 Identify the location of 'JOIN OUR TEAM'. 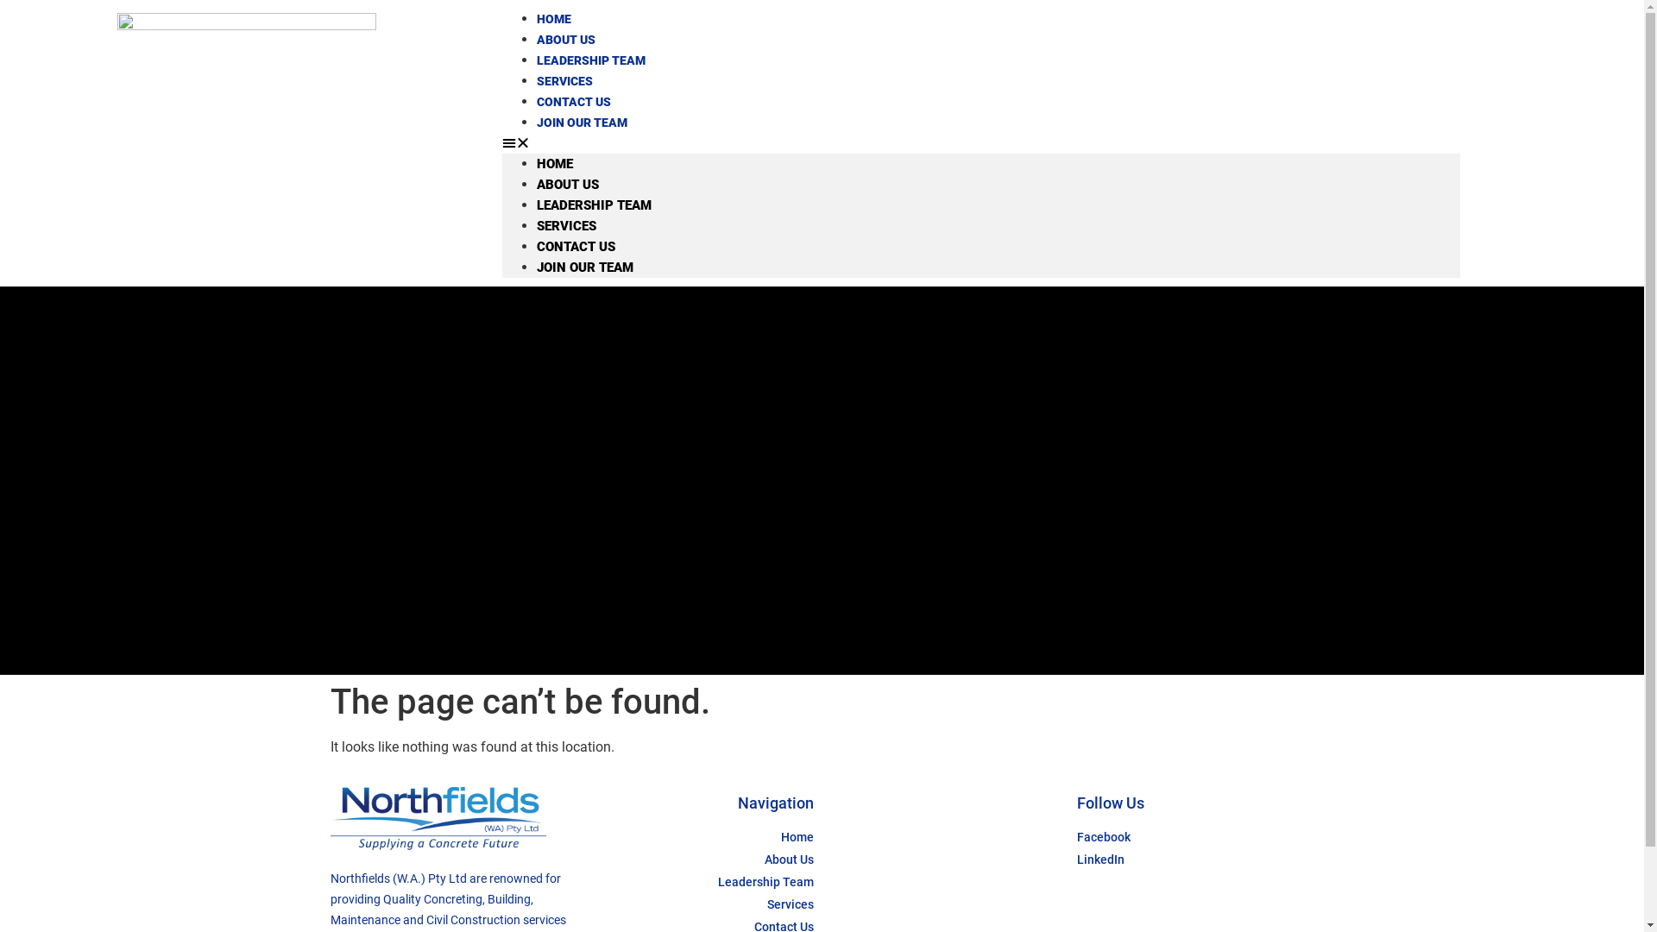
(582, 122).